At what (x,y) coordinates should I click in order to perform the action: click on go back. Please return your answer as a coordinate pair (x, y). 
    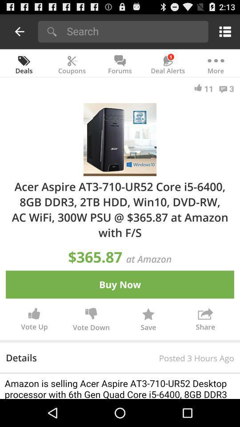
    Looking at the image, I should click on (20, 31).